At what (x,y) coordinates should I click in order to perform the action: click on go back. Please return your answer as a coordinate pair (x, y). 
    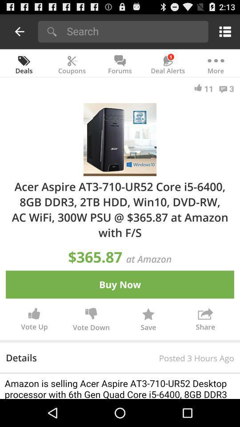
    Looking at the image, I should click on (20, 31).